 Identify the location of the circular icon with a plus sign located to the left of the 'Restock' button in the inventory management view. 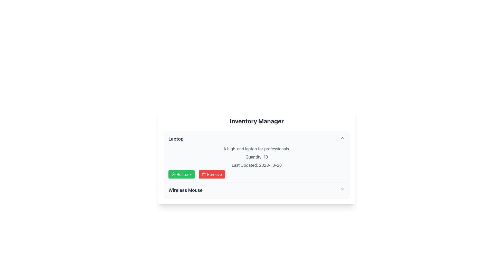
(174, 174).